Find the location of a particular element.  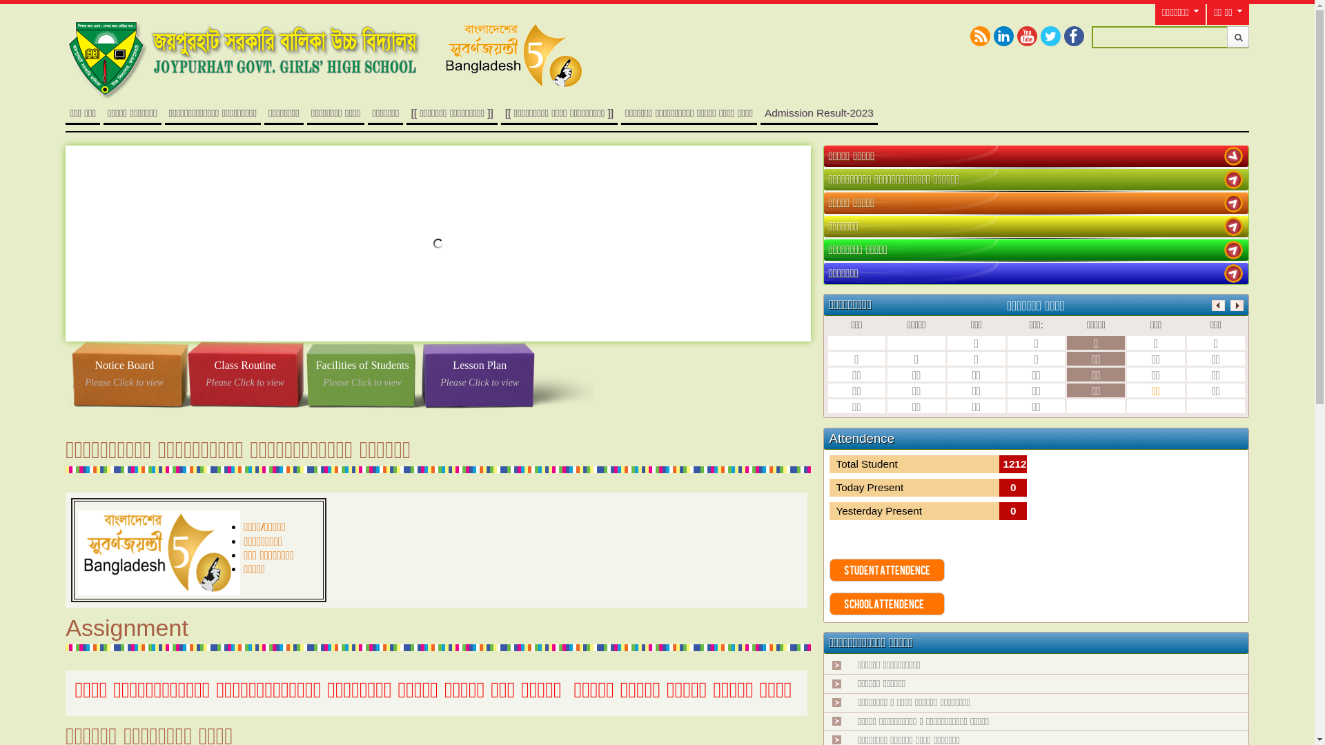

'Notice Board is located at coordinates (124, 375).